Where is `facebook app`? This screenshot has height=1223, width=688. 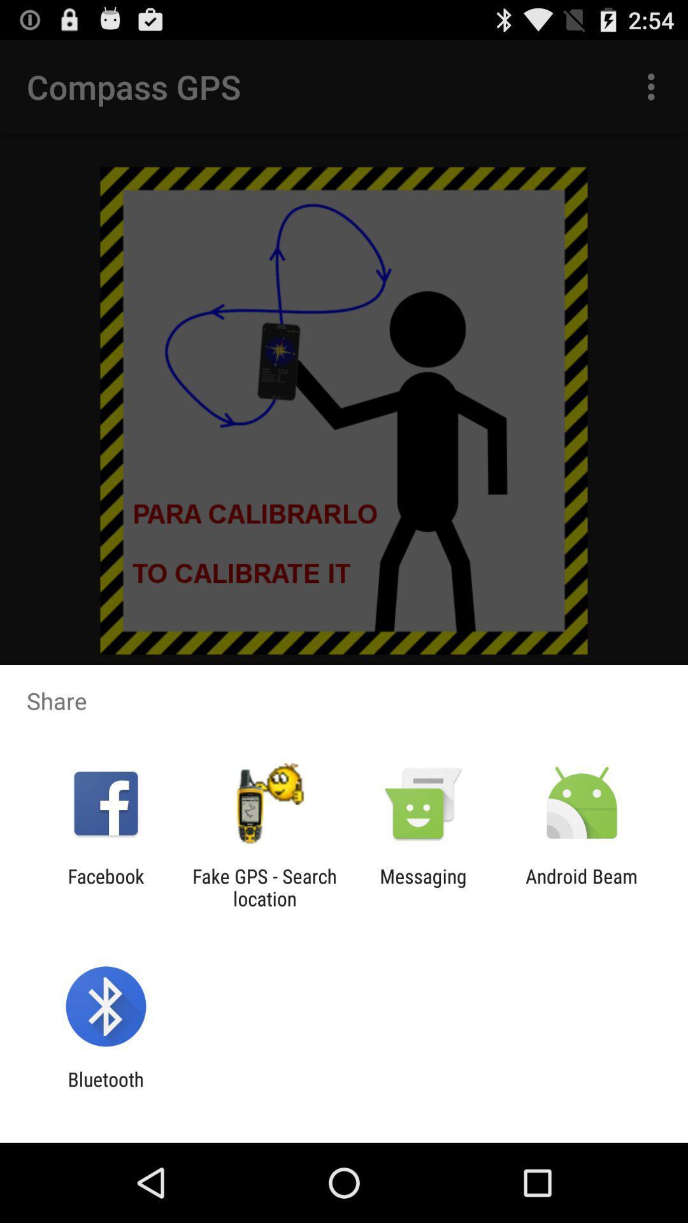 facebook app is located at coordinates (105, 887).